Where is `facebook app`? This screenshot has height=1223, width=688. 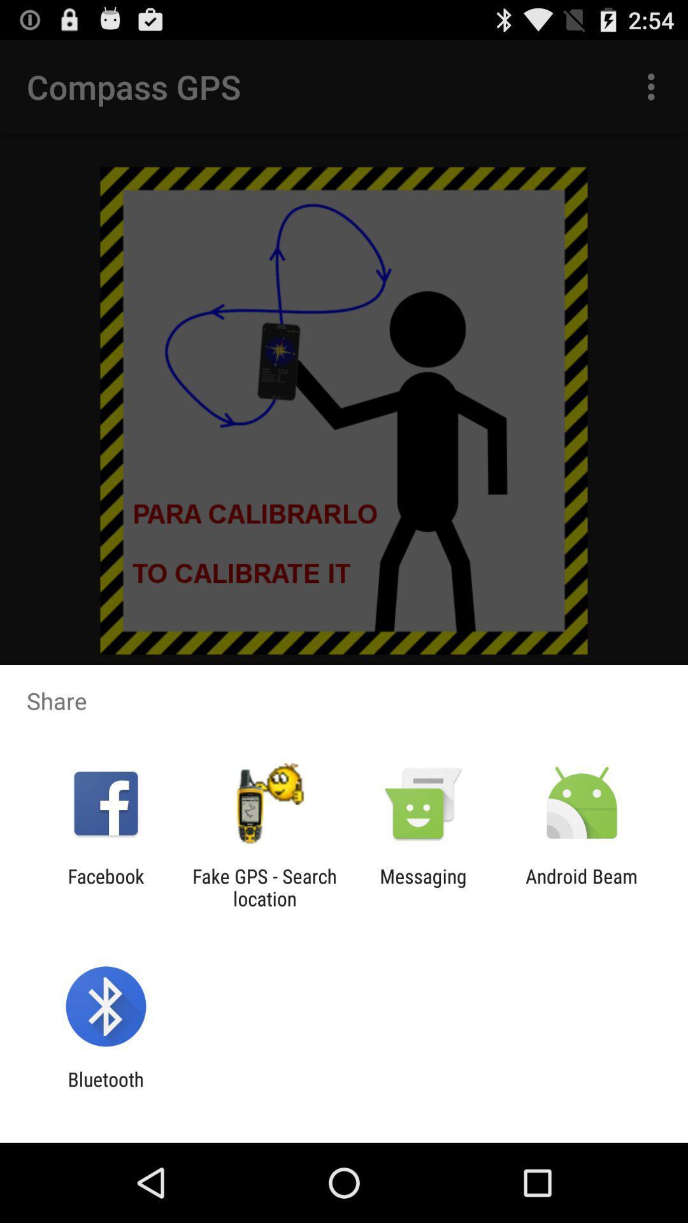 facebook app is located at coordinates (105, 887).